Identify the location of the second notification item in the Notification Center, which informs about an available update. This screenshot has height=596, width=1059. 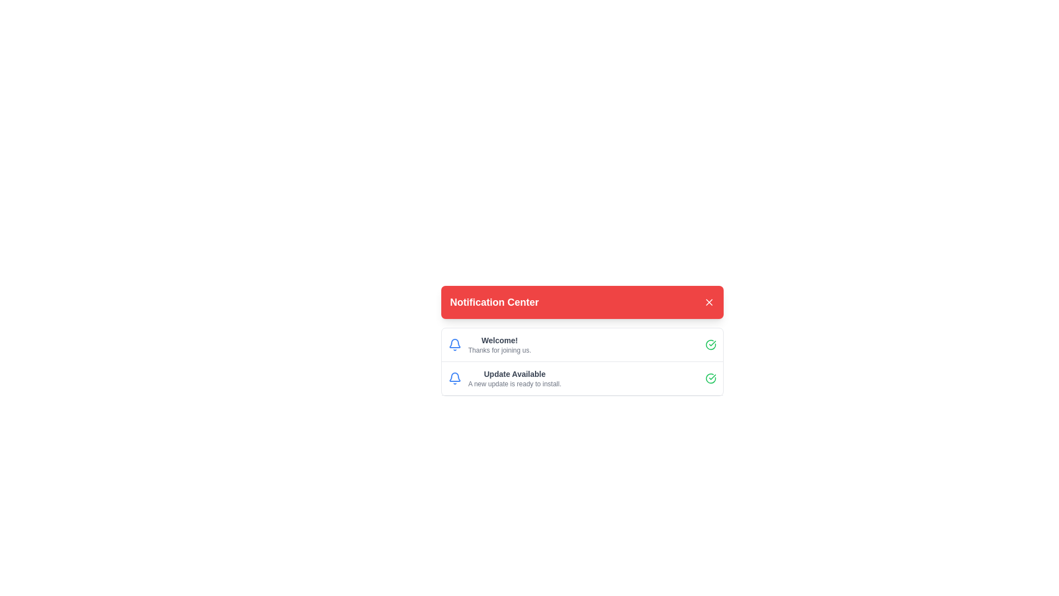
(582, 378).